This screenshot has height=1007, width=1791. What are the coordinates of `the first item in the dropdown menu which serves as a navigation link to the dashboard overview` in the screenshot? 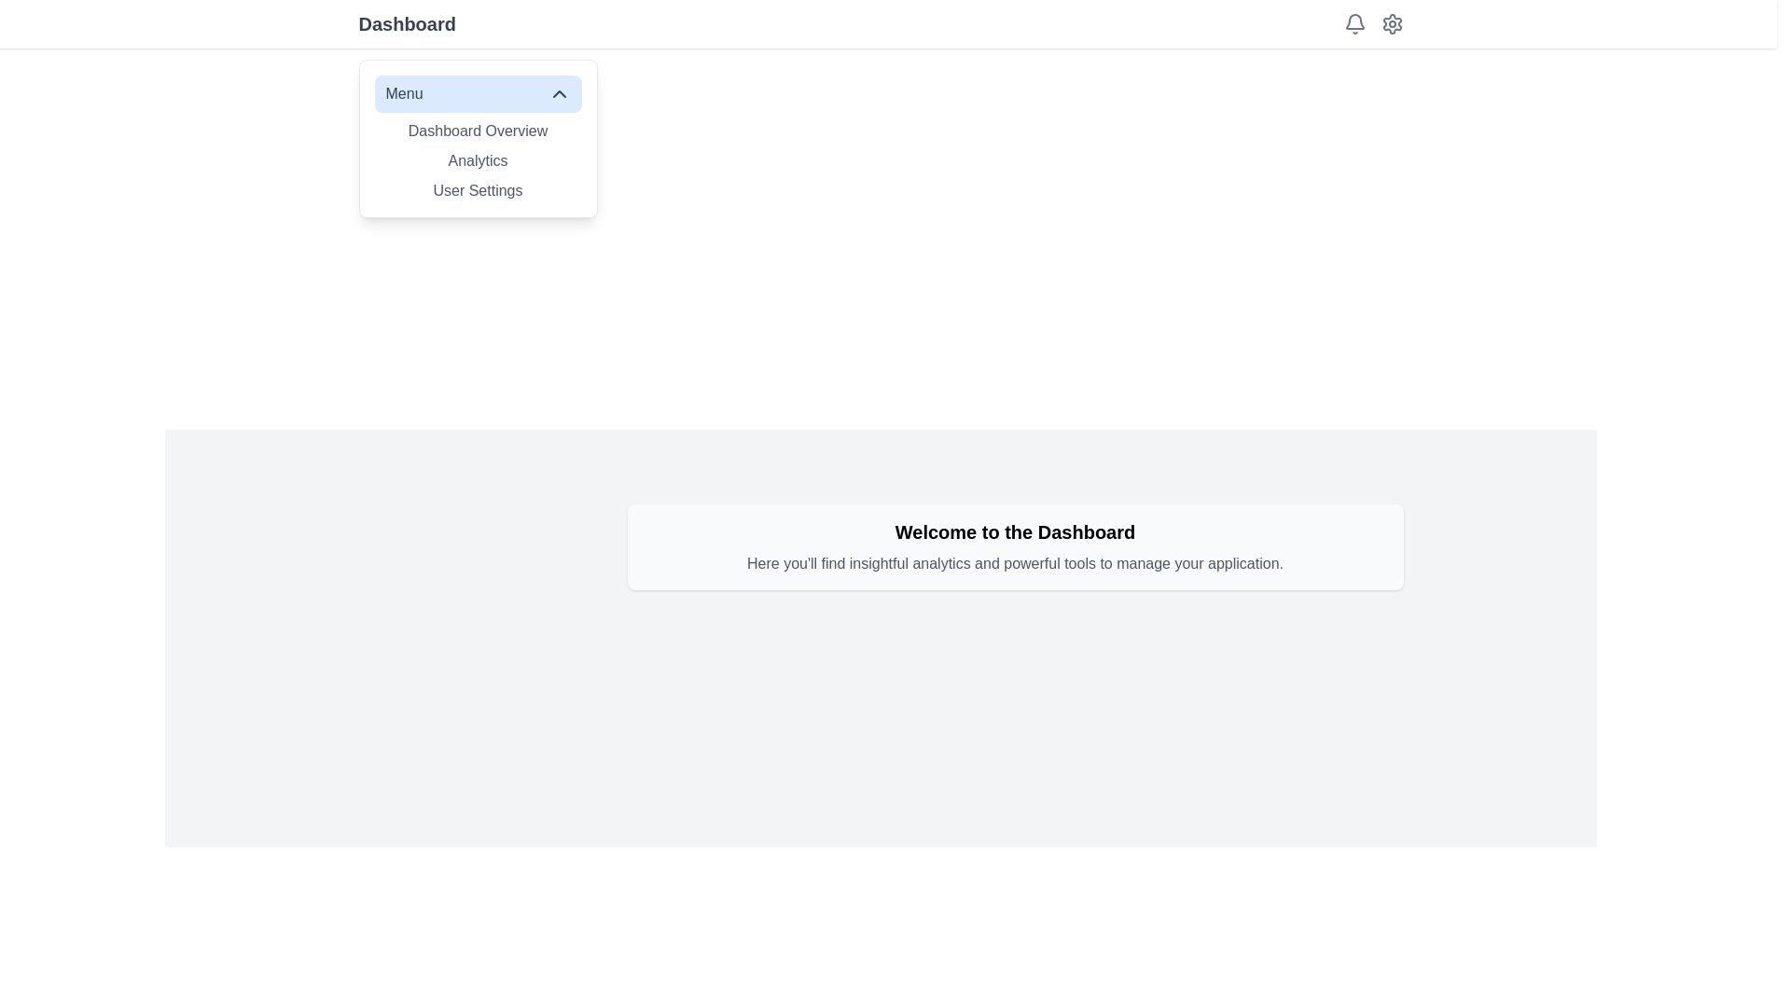 It's located at (478, 131).